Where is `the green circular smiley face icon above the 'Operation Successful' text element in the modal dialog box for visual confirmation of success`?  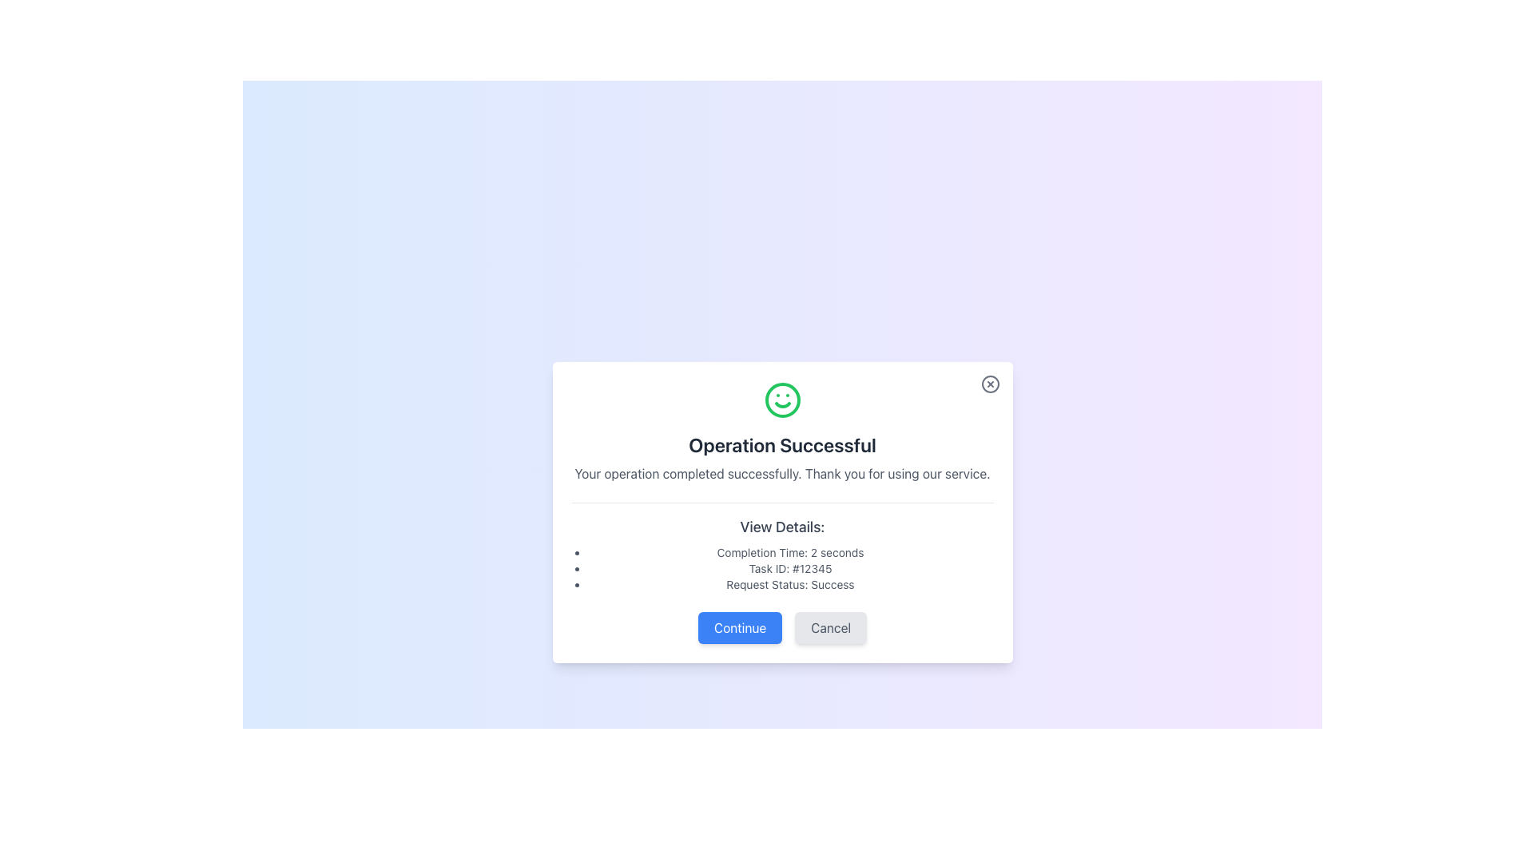
the green circular smiley face icon above the 'Operation Successful' text element in the modal dialog box for visual confirmation of success is located at coordinates (782, 431).